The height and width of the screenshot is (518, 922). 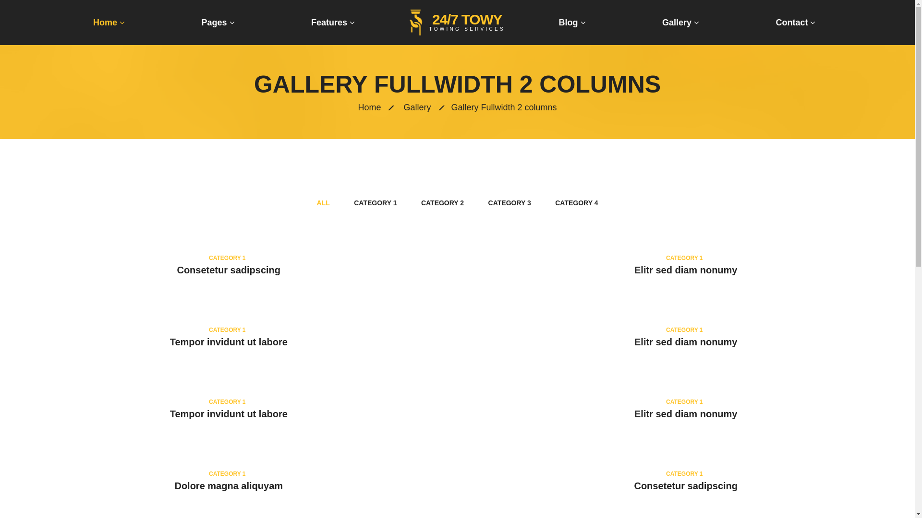 What do you see at coordinates (109, 22) in the screenshot?
I see `'Home'` at bounding box center [109, 22].